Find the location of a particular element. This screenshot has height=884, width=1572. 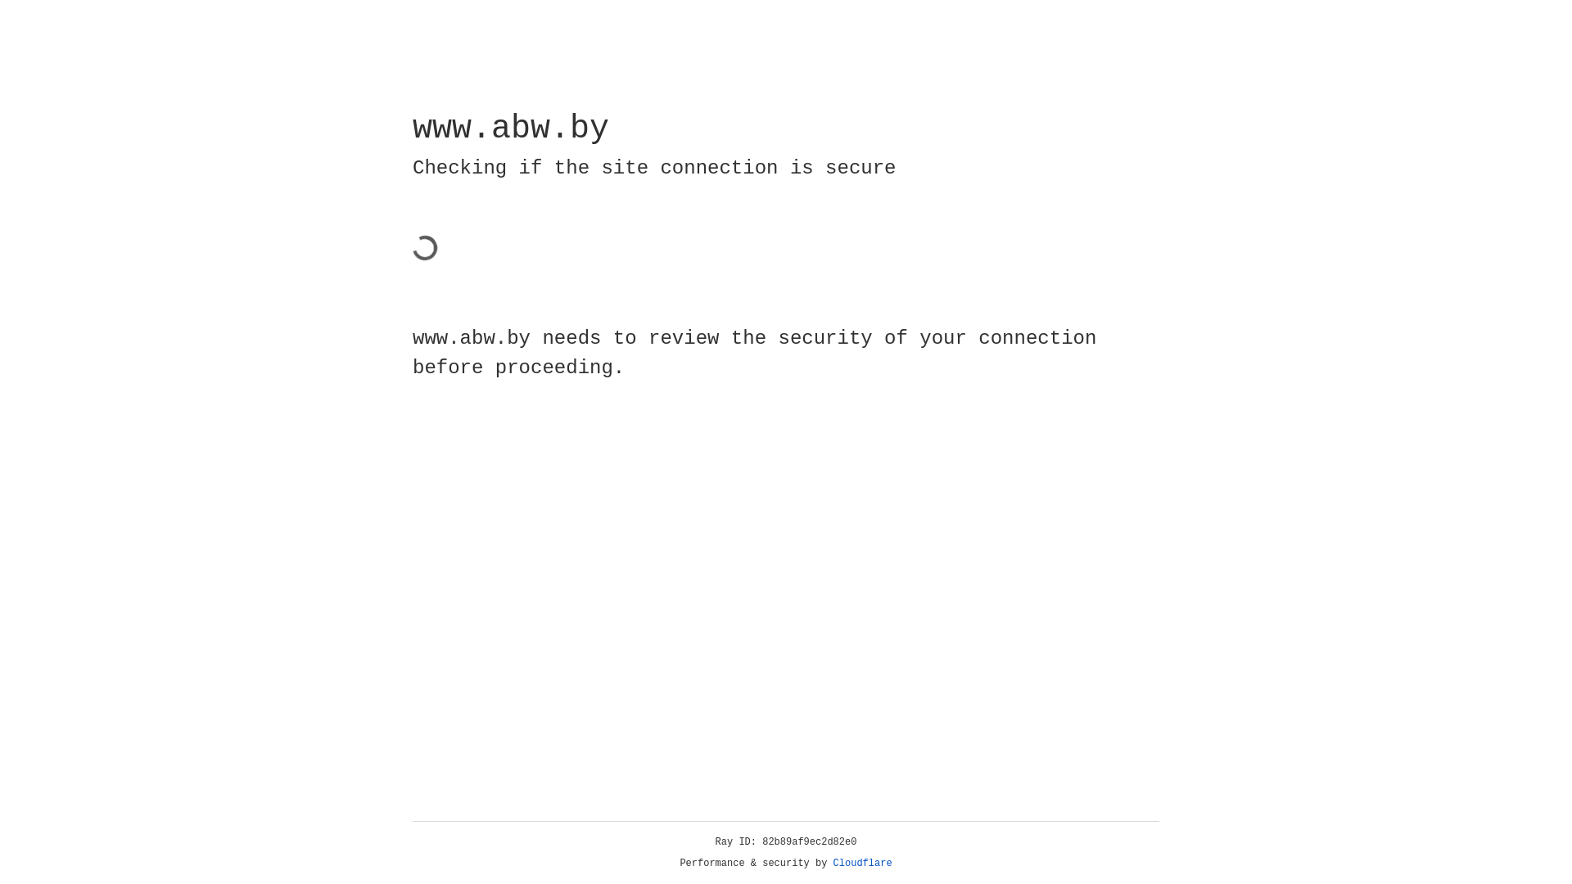

'Cloudflare' is located at coordinates (862, 863).